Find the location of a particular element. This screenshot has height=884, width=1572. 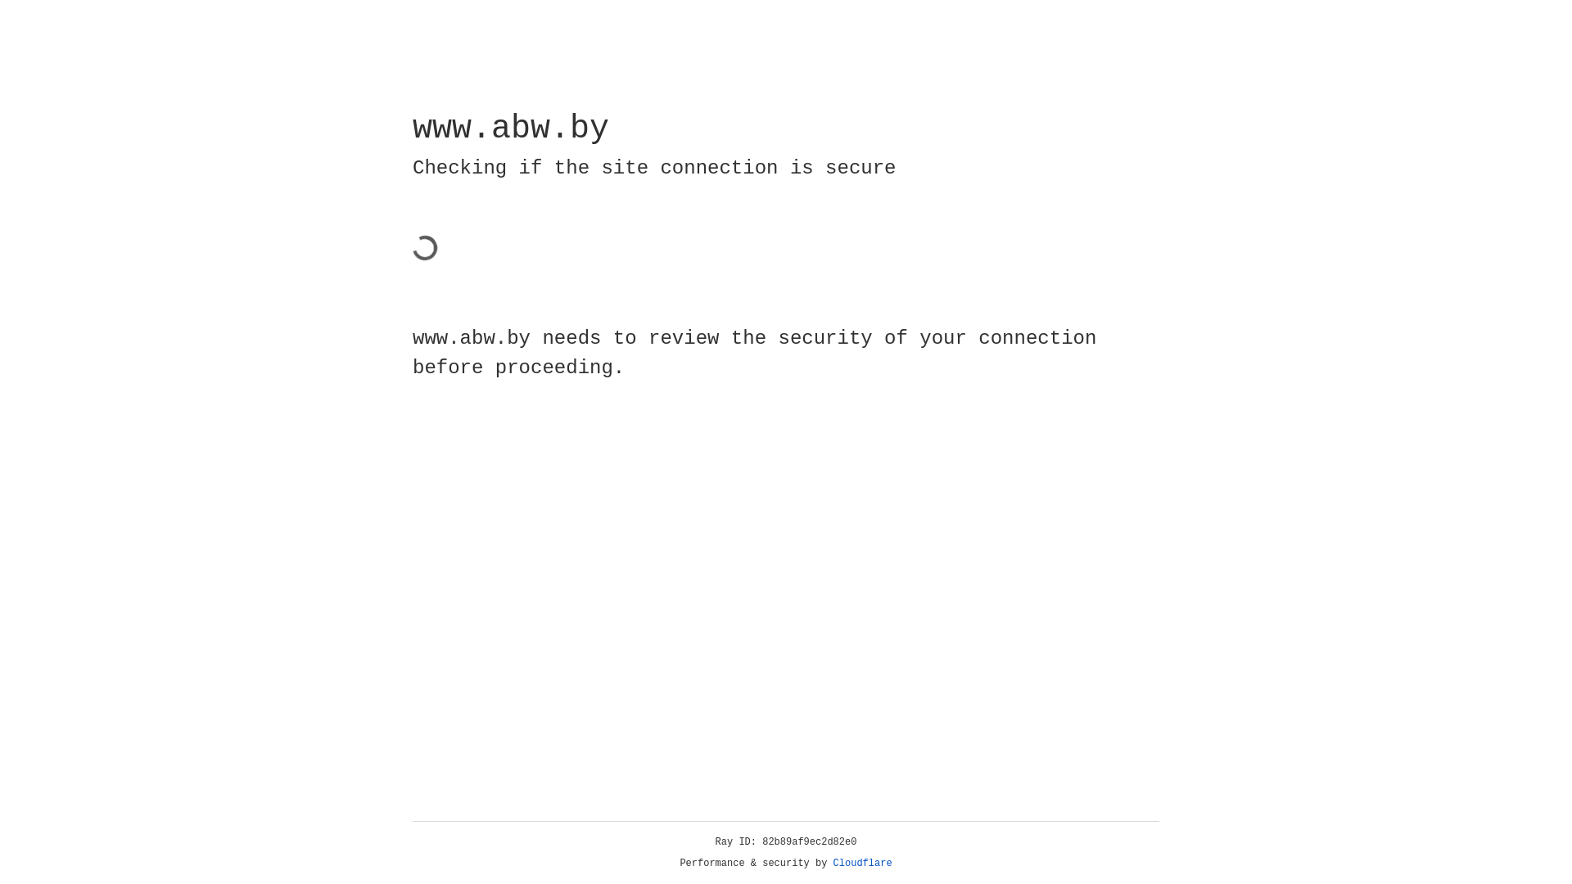

'Cloudflare' is located at coordinates (862, 863).